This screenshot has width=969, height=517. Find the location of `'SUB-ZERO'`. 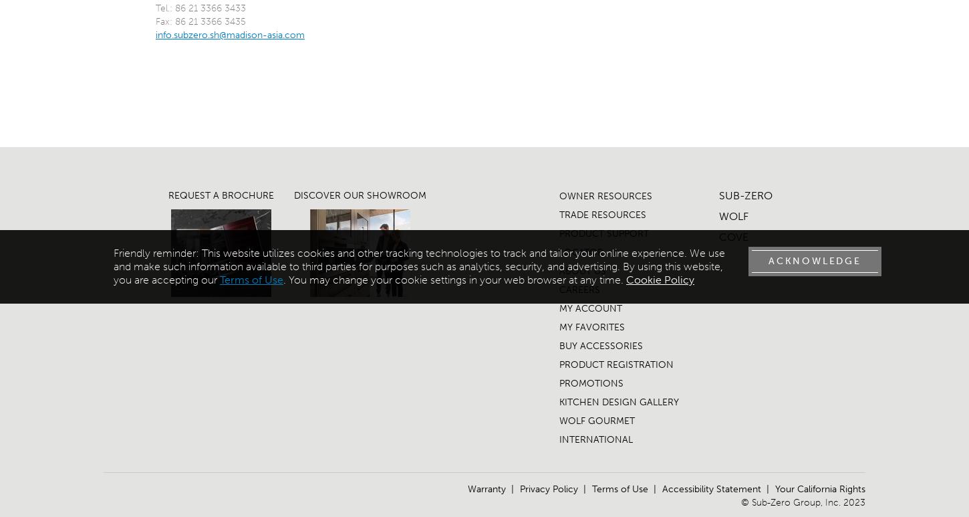

'SUB-ZERO' is located at coordinates (745, 195).